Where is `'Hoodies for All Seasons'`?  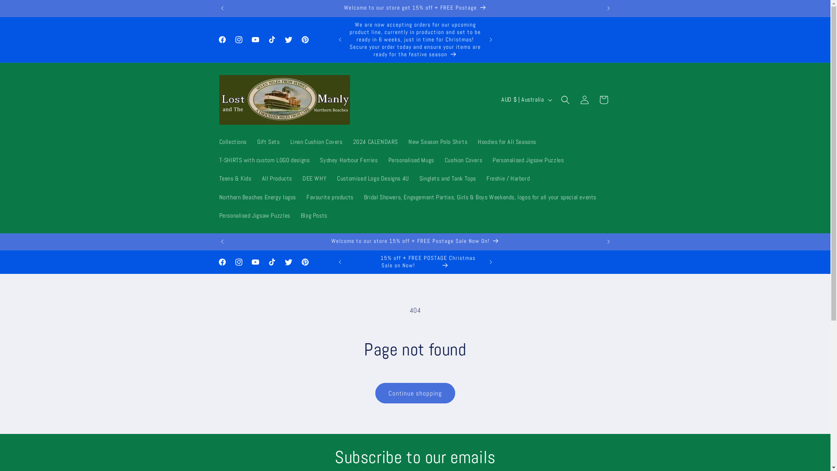
'Hoodies for All Seasons' is located at coordinates (472, 141).